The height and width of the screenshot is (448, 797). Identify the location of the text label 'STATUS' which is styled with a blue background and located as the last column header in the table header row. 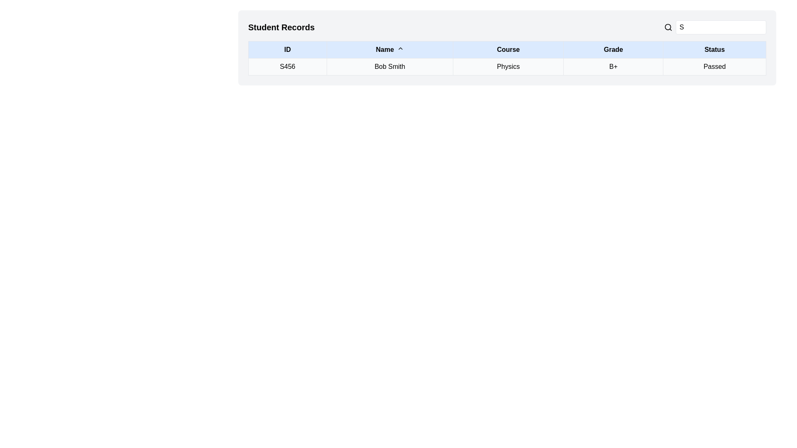
(714, 49).